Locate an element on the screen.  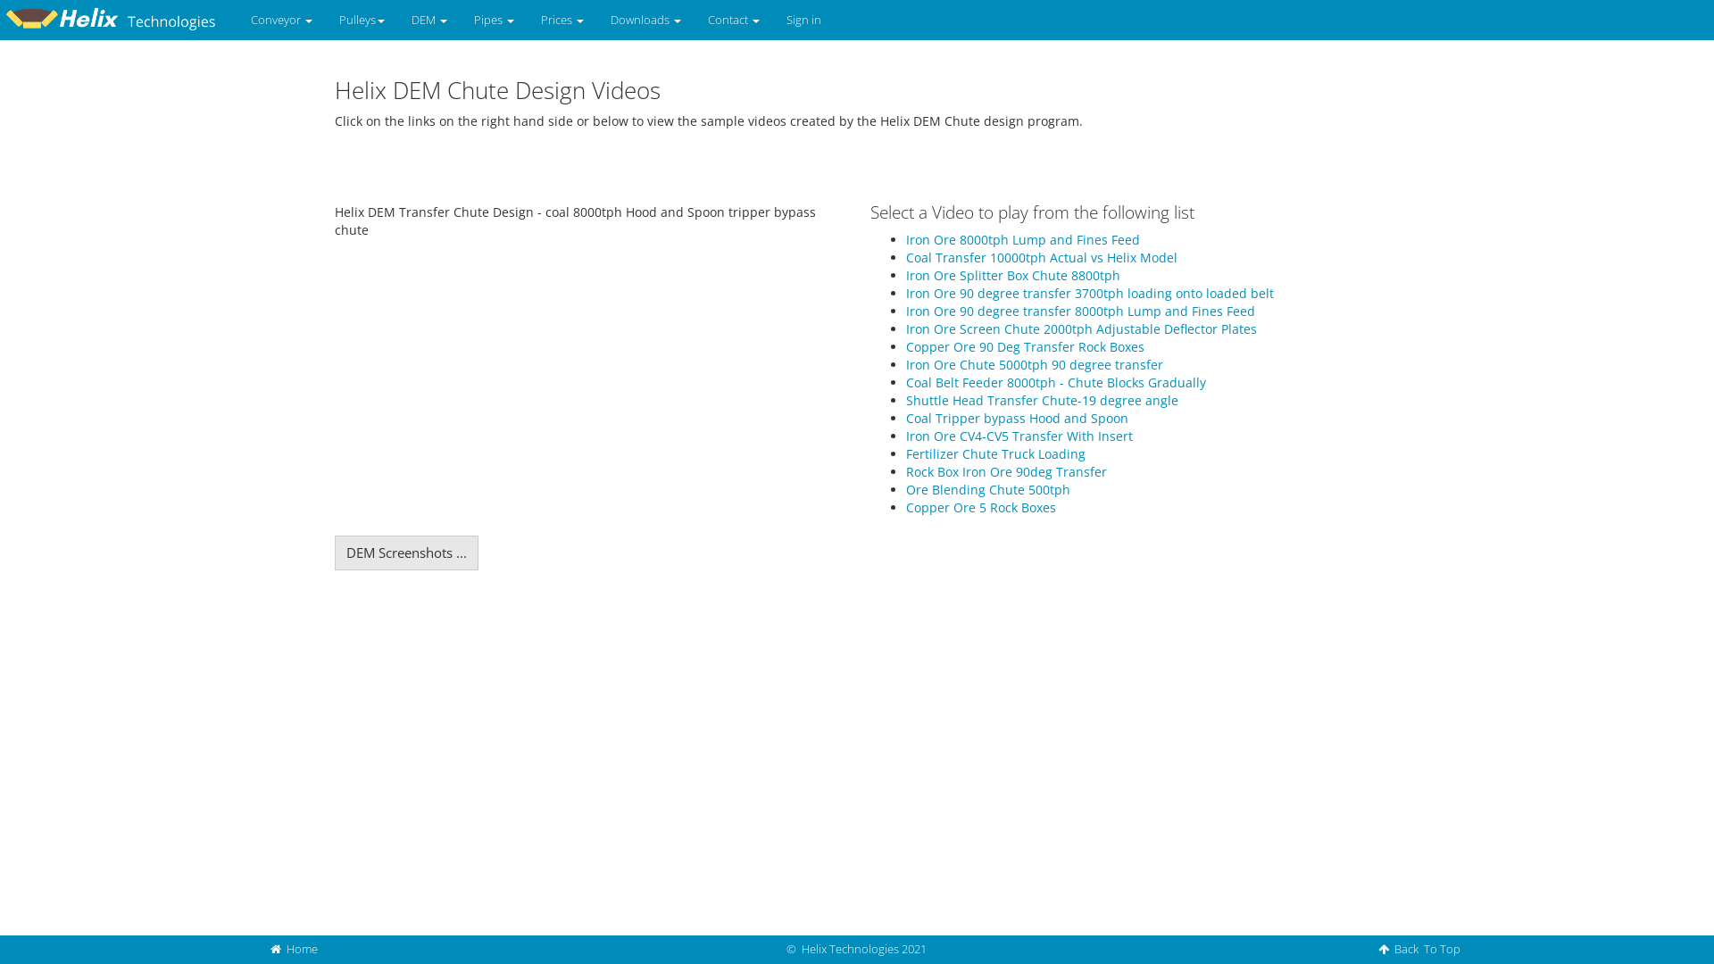
'Iron Ore Screen Chute 2000tph Adjustable Deflector Plates' is located at coordinates (1080, 328).